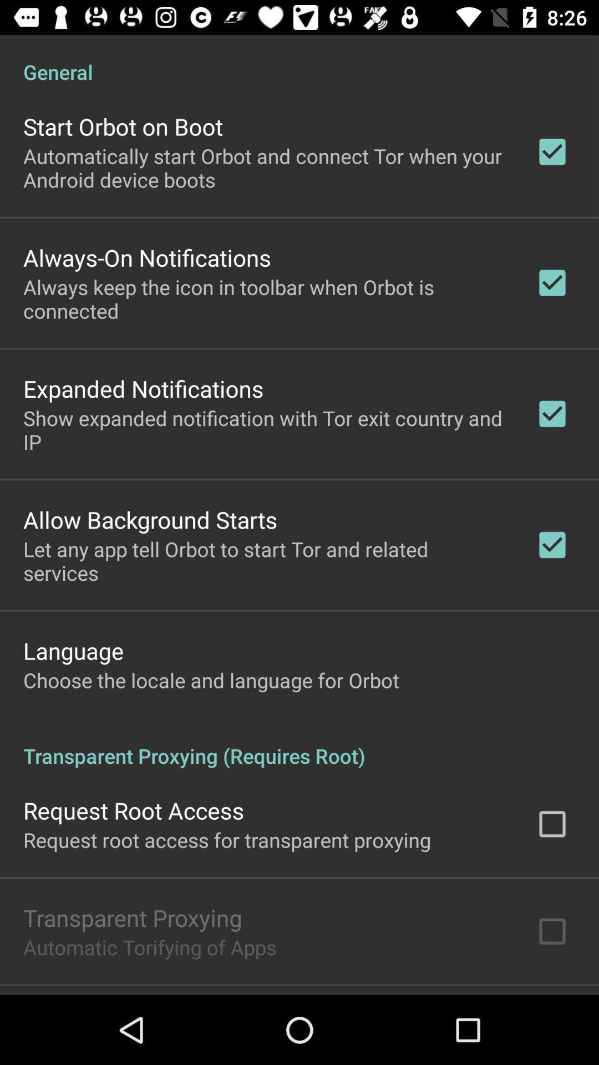 The width and height of the screenshot is (599, 1065). What do you see at coordinates (265, 429) in the screenshot?
I see `the icon below expanded notifications icon` at bounding box center [265, 429].